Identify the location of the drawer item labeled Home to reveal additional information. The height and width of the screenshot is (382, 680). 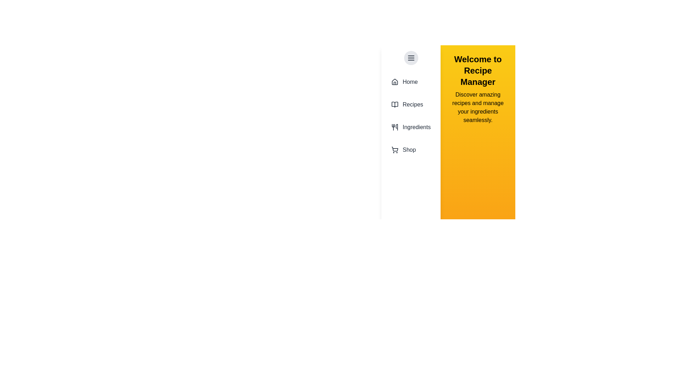
(411, 81).